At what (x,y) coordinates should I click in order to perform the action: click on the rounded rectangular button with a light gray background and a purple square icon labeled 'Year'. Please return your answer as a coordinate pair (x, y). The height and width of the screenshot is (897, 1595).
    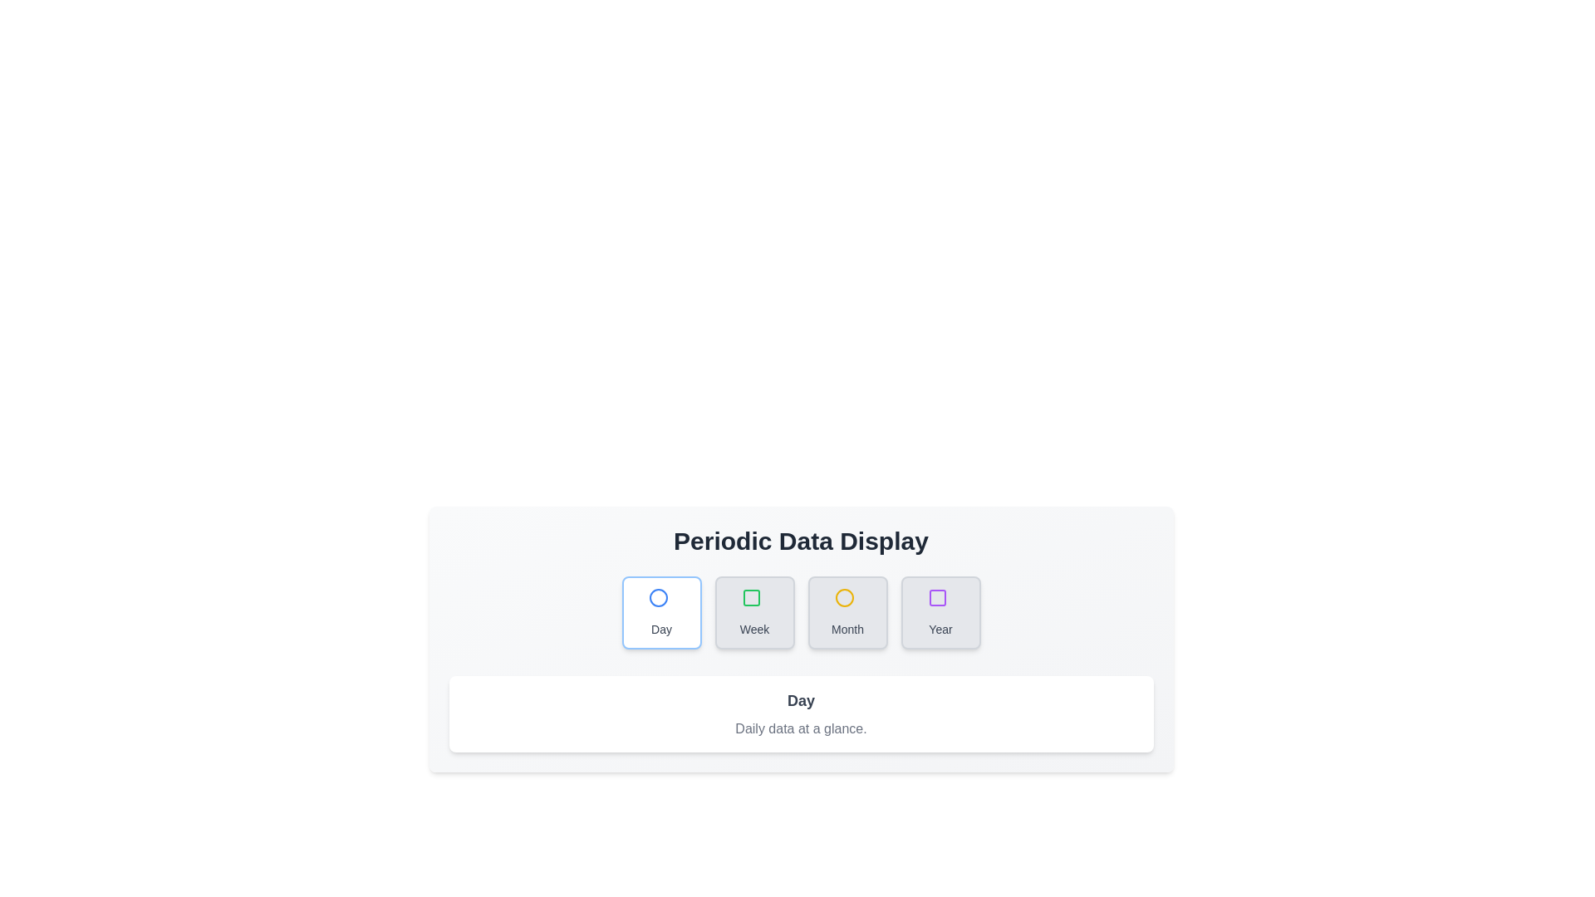
    Looking at the image, I should click on (940, 612).